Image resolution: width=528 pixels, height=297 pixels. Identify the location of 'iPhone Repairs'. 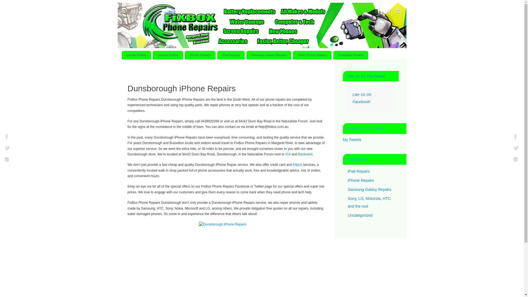
(200, 55).